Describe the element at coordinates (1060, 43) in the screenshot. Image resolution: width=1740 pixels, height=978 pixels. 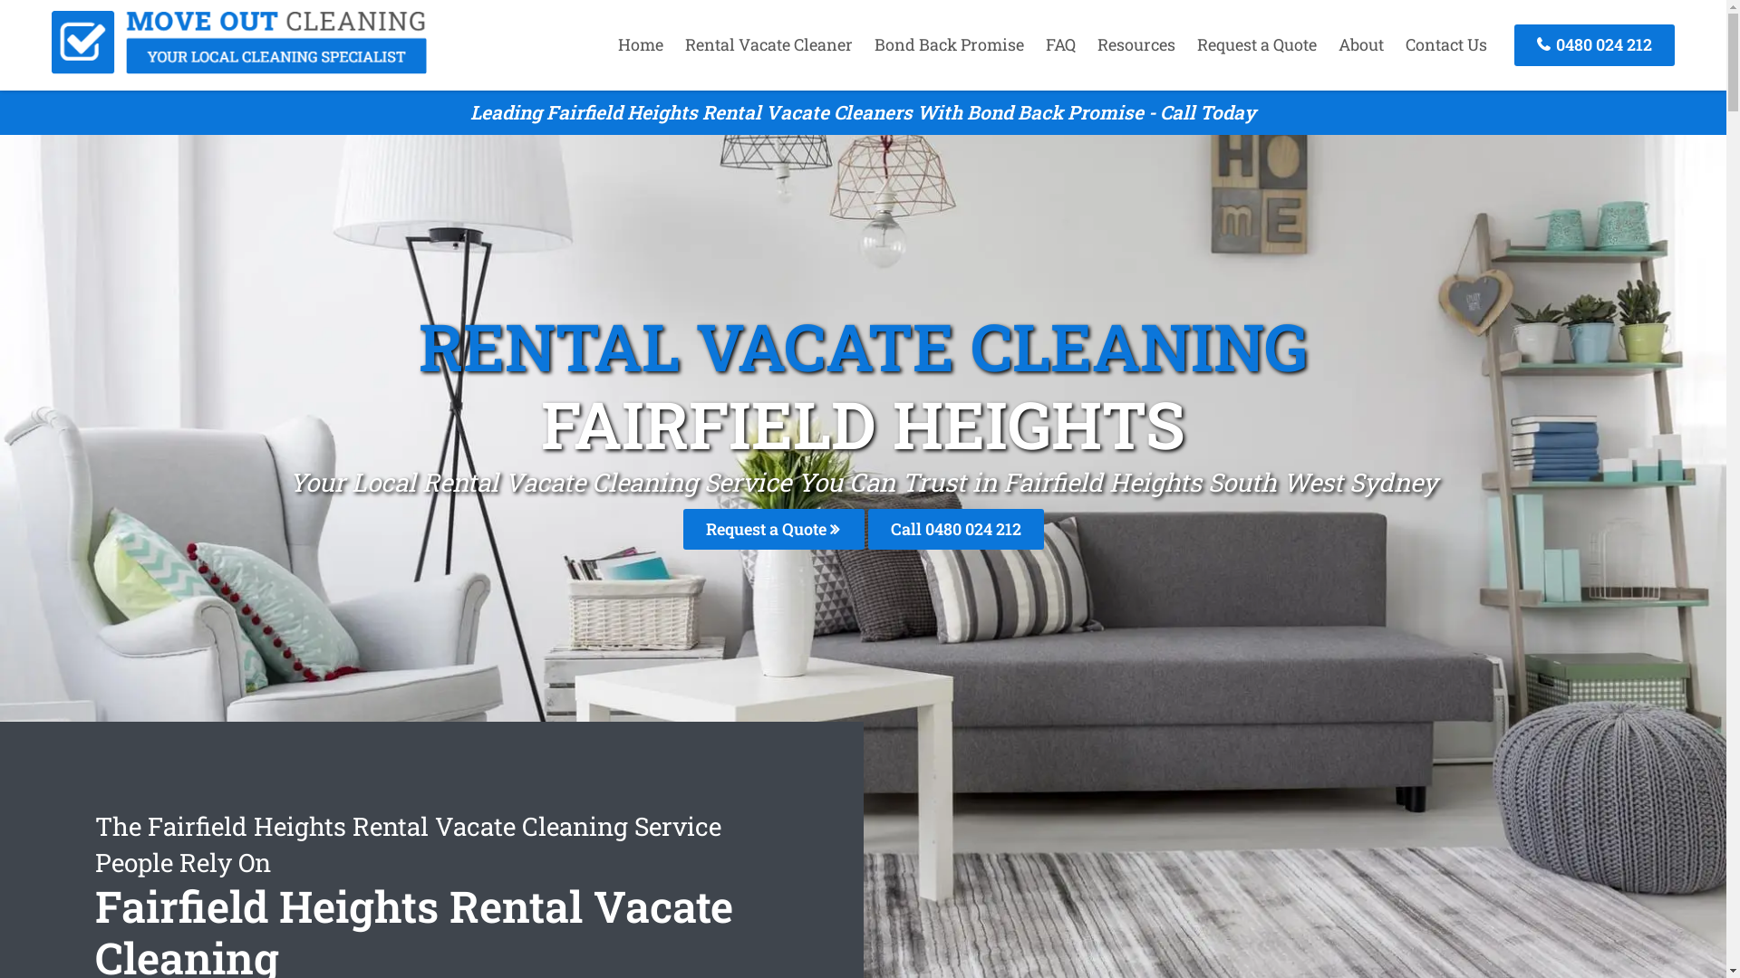
I see `'FAQ'` at that location.